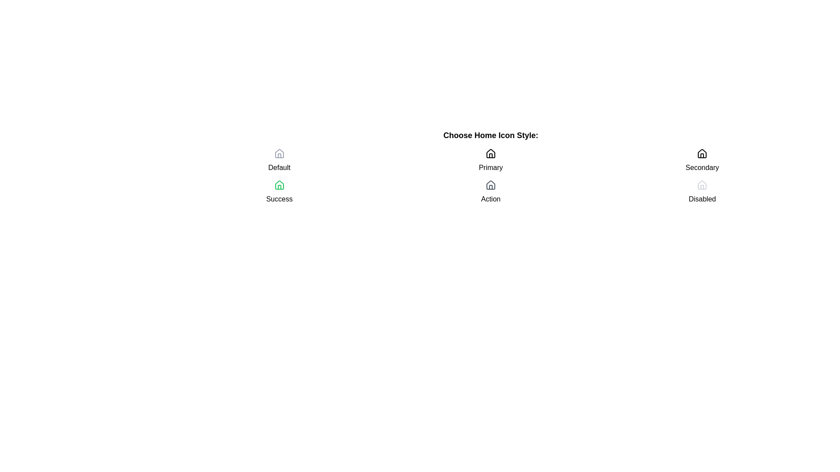 The image size is (840, 472). I want to click on the vertical rectangular shape located at the lower center portion of the 'Secondary' house icon in the 'Choose Home Icon Style' section, so click(702, 155).